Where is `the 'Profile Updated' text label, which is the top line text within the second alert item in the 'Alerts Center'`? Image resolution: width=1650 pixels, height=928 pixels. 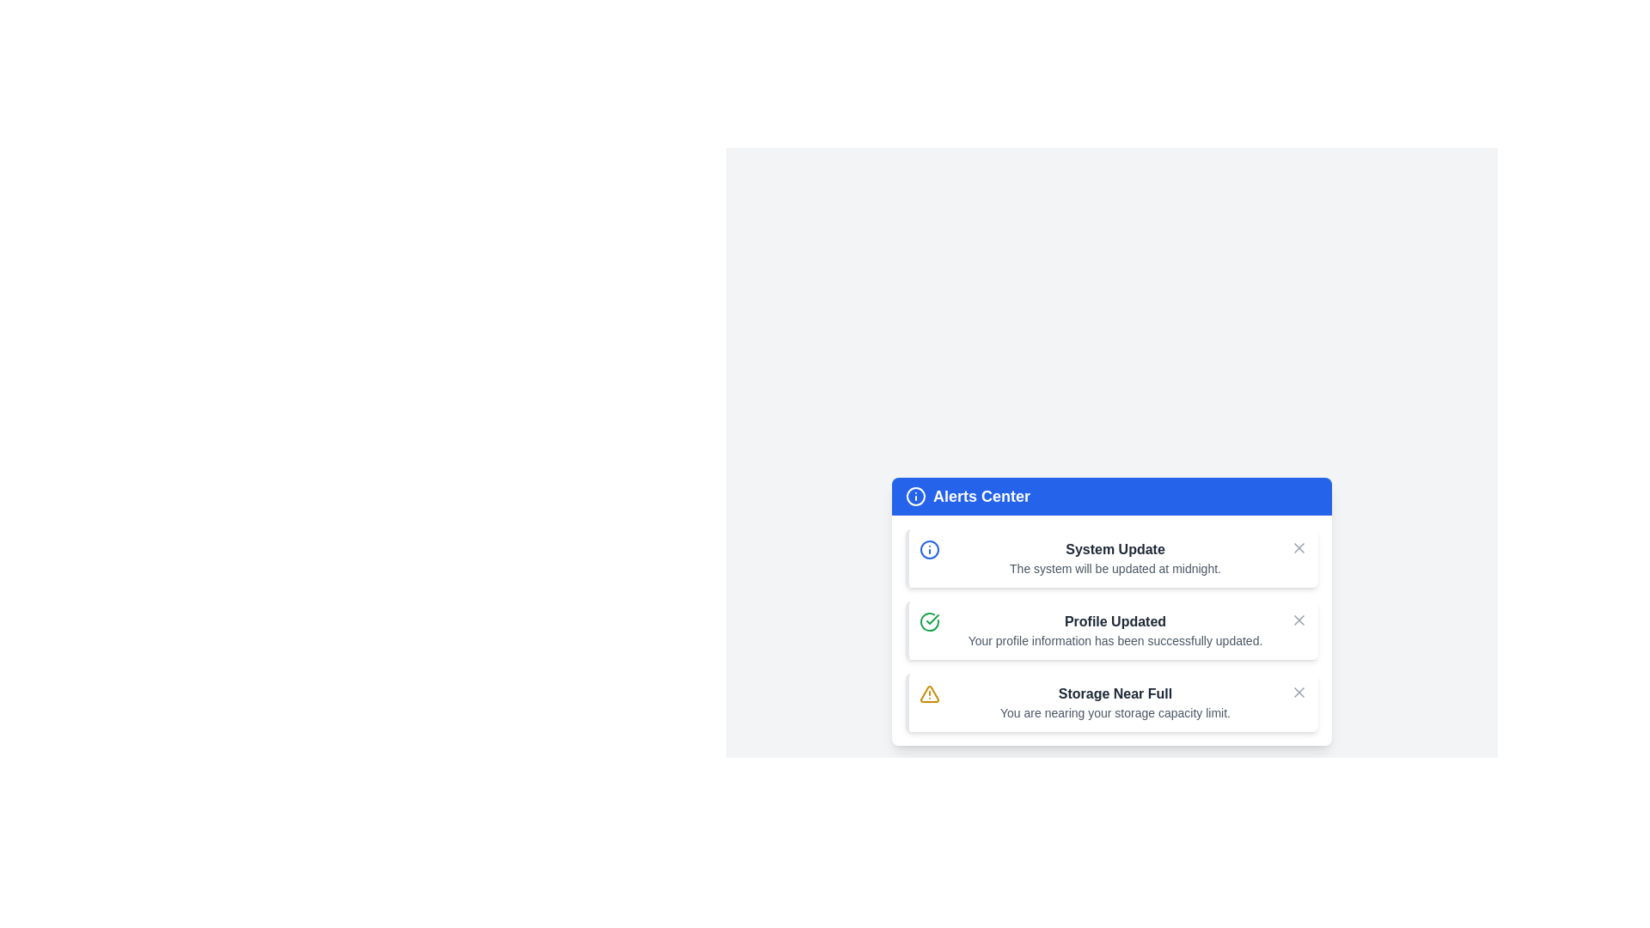
the 'Profile Updated' text label, which is the top line text within the second alert item in the 'Alerts Center' is located at coordinates (1115, 622).